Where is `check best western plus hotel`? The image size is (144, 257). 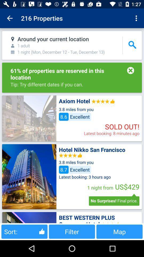
check best western plus hotel is located at coordinates (29, 217).